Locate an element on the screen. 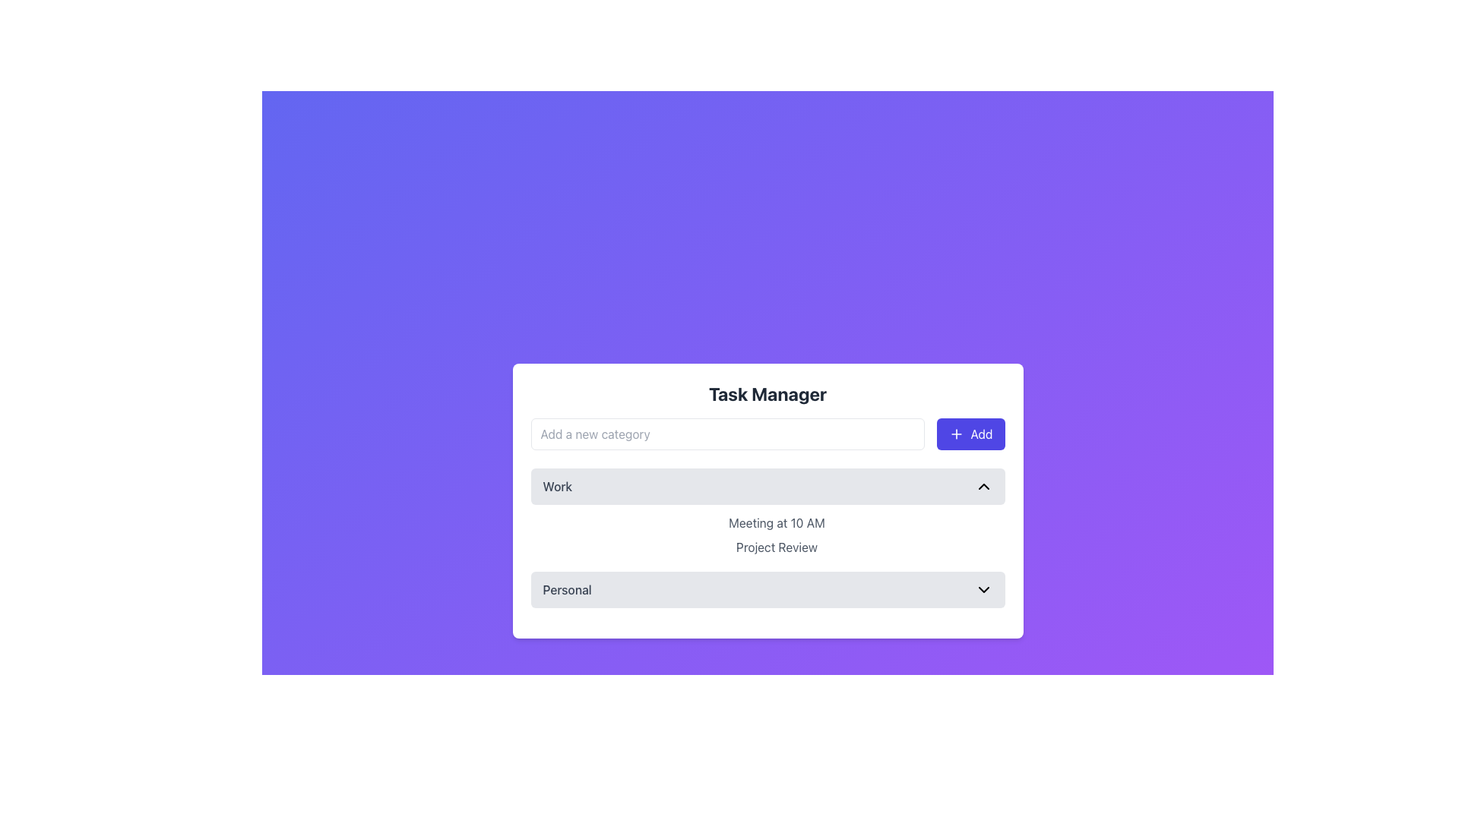 The image size is (1459, 820). the action button for adding a new category, located to the right of the text input field labeled 'Add a new category' is located at coordinates (970, 434).